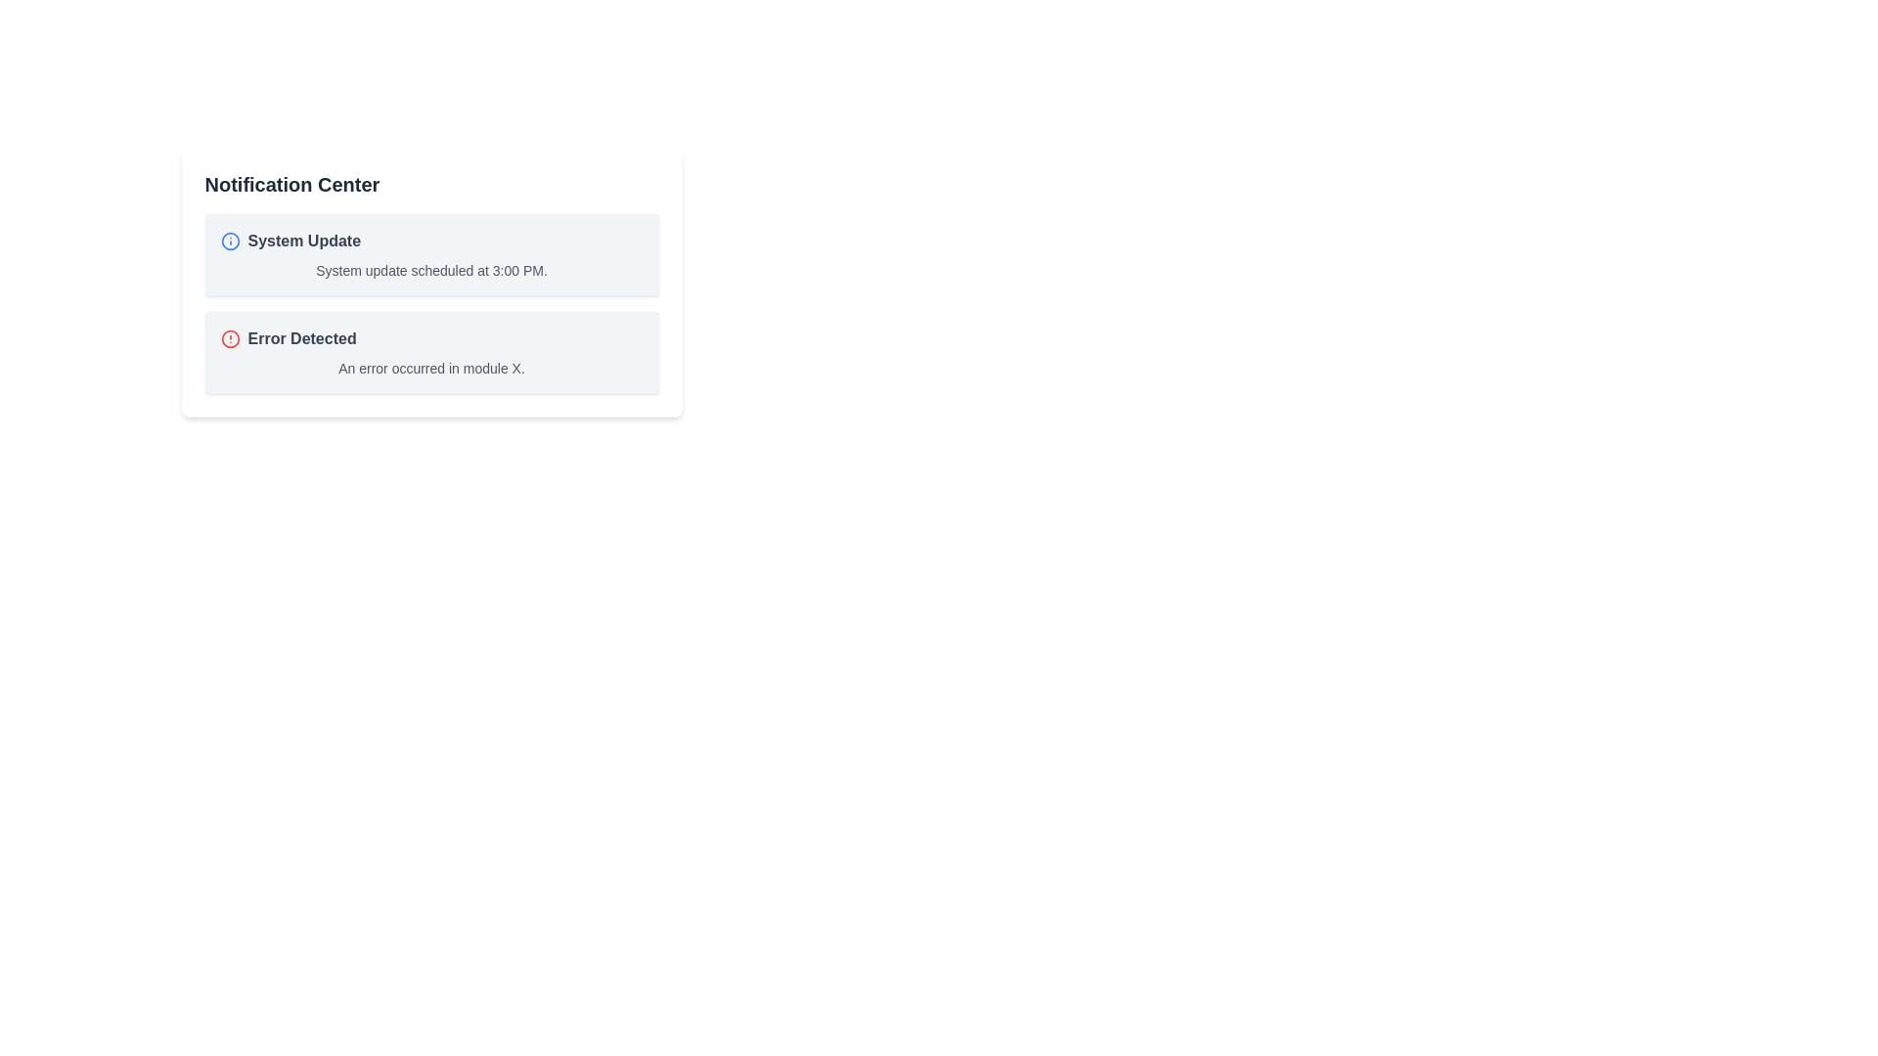 The image size is (1878, 1056). What do you see at coordinates (230, 338) in the screenshot?
I see `the status indicated by the Circular Icon on the left side of the 'Error Detected' notification card in the Notification Center` at bounding box center [230, 338].